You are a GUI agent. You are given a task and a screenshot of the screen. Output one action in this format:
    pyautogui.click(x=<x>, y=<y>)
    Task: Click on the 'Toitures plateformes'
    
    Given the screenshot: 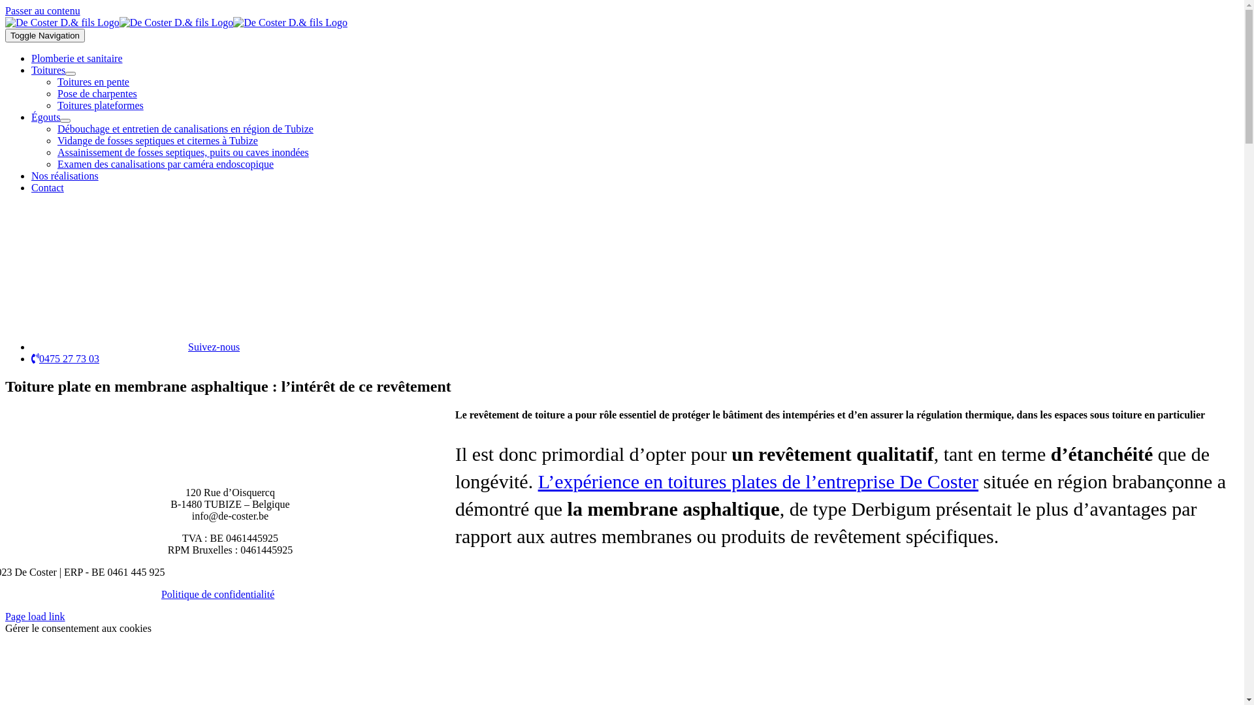 What is the action you would take?
    pyautogui.click(x=56, y=104)
    